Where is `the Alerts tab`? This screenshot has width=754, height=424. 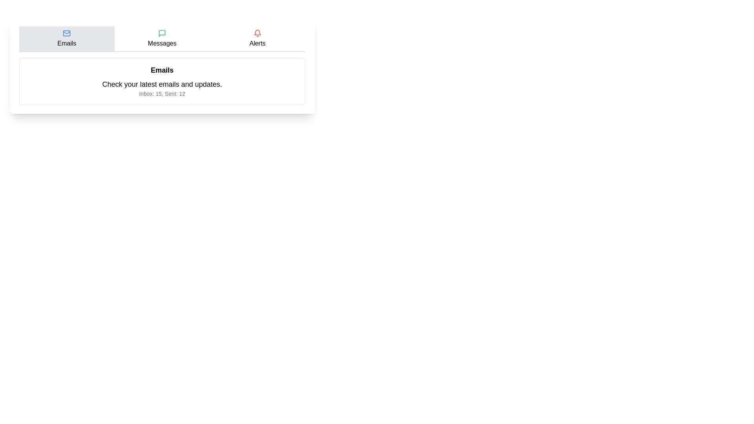 the Alerts tab is located at coordinates (258, 39).